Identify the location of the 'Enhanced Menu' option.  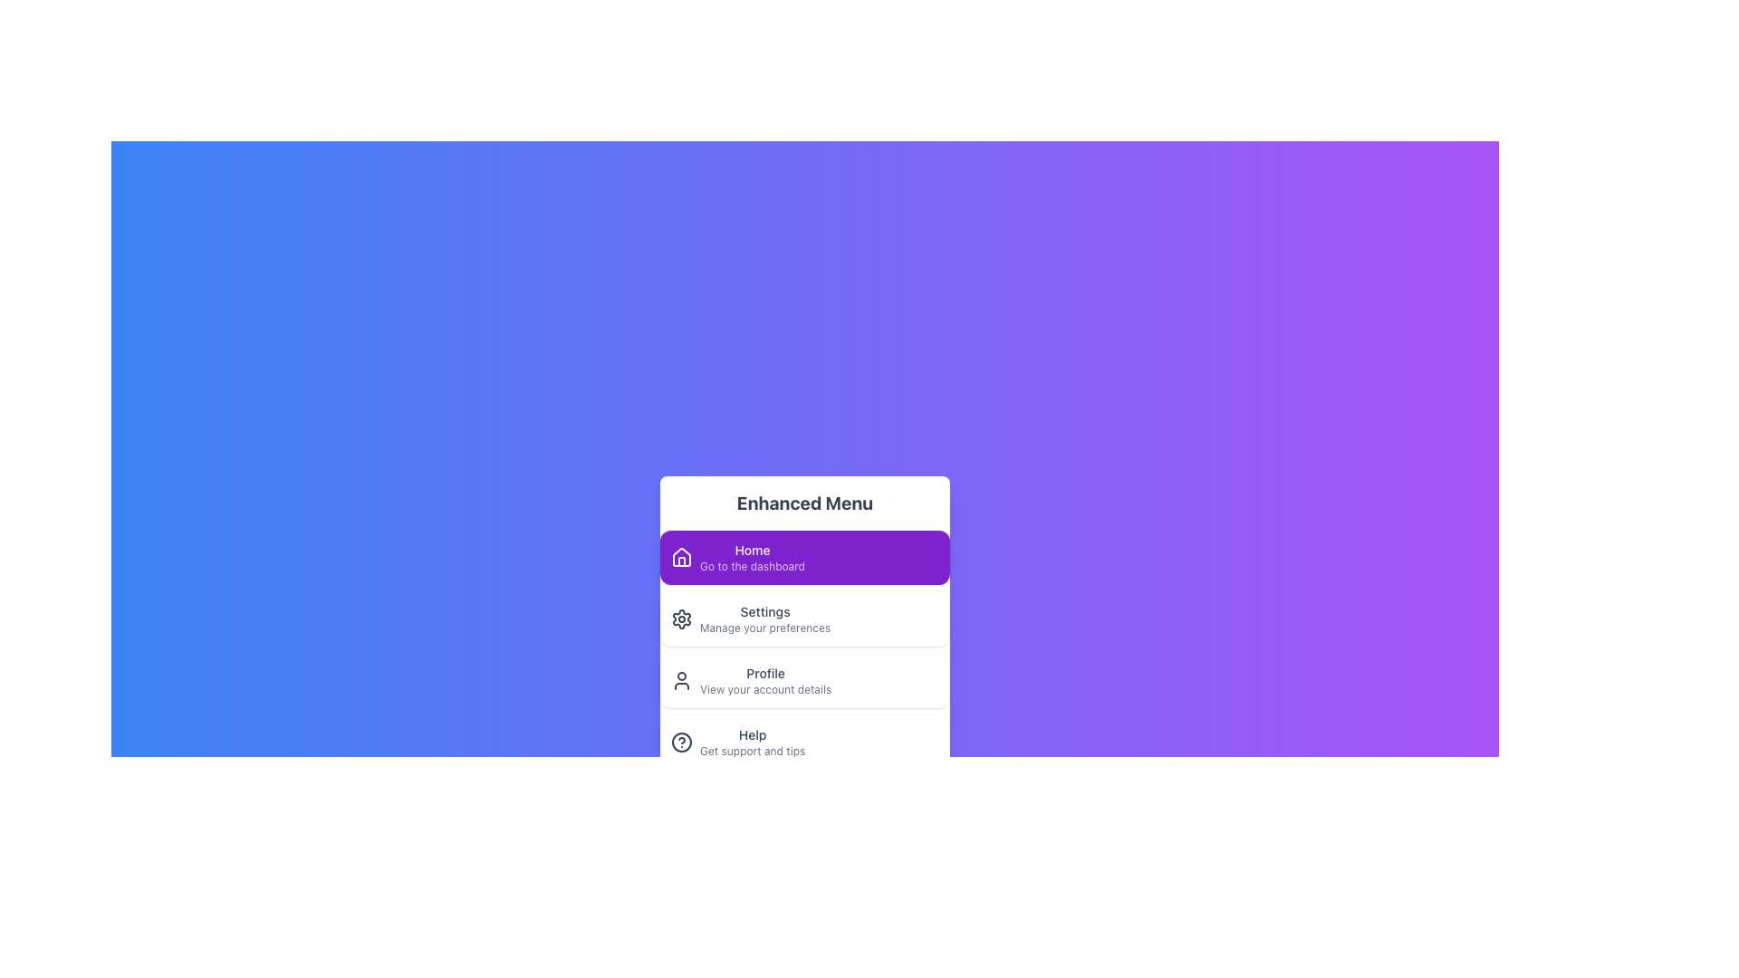
(803, 628).